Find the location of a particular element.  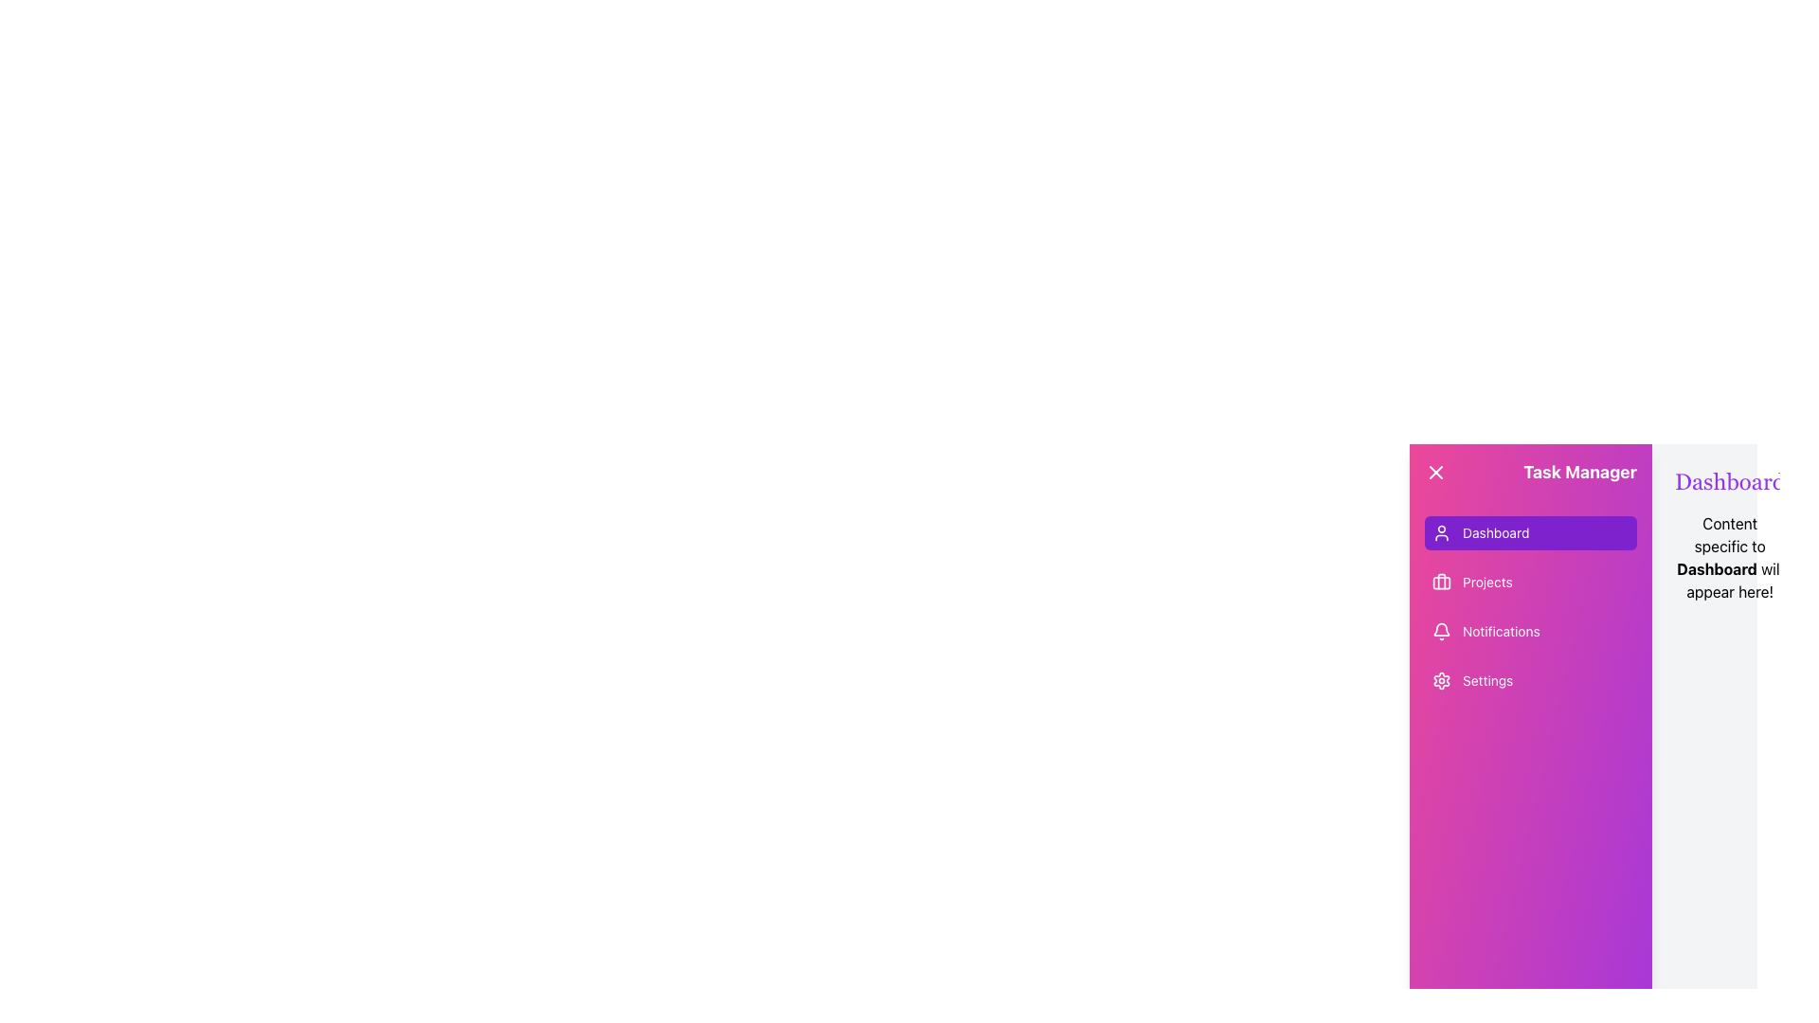

the 'Task Manager' text label, which is styled in bold, white text against a pink to purple gradient background, located in the header area of the sidebar is located at coordinates (1531, 471).